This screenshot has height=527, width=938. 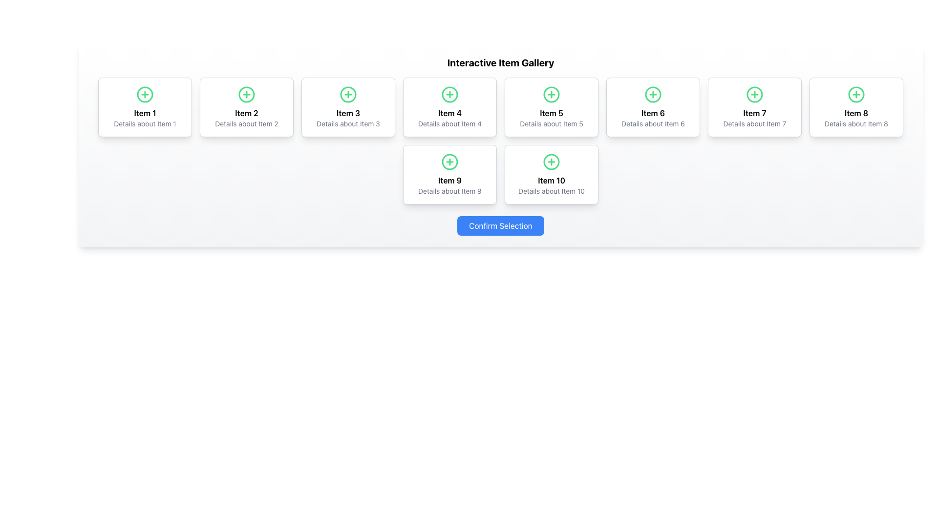 What do you see at coordinates (449, 174) in the screenshot?
I see `the rectangular card styled with rounded corners, containing a green circular plus icon and bold black text saying 'Item 9', located in the second row, third column of the grid layout` at bounding box center [449, 174].